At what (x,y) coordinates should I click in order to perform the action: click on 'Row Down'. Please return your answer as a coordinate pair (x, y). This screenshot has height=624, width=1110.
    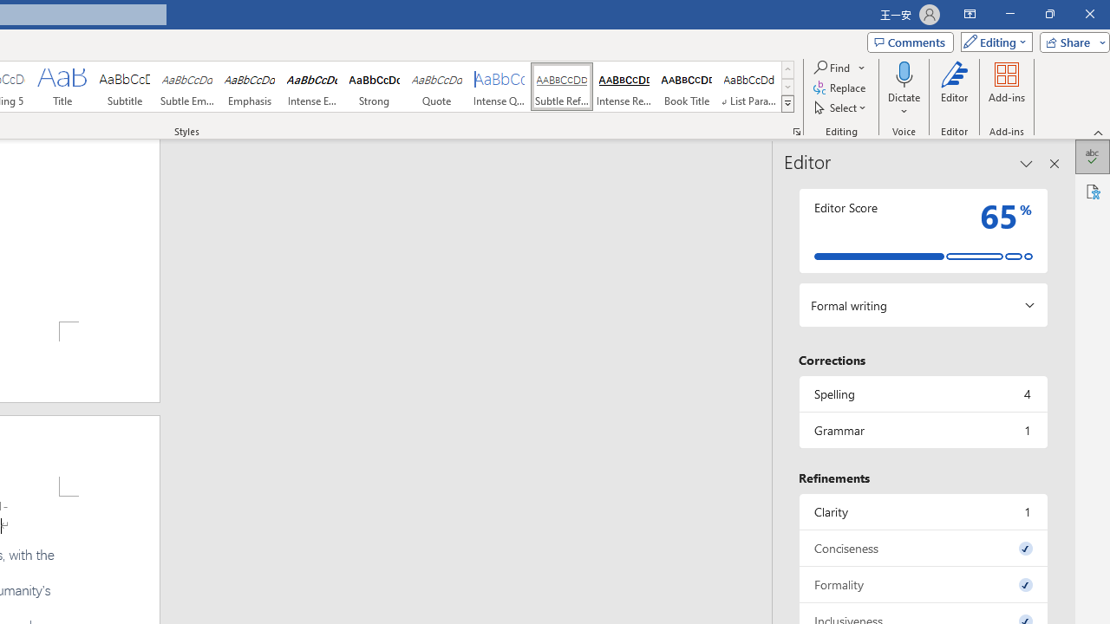
    Looking at the image, I should click on (787, 87).